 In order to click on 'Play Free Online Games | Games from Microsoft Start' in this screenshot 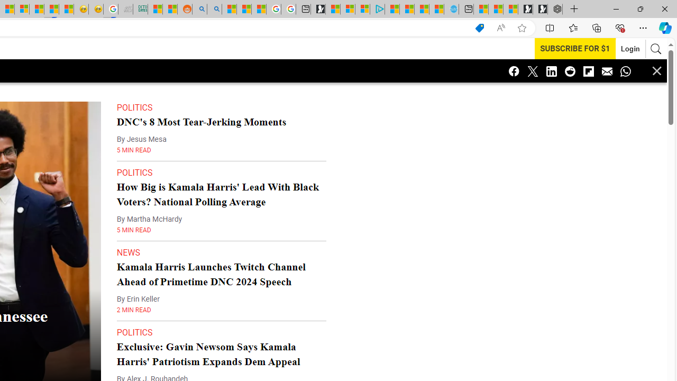, I will do `click(540, 9)`.